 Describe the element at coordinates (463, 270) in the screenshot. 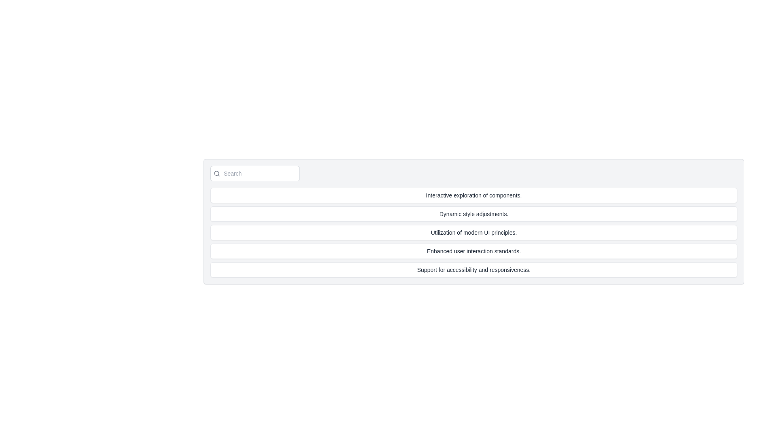

I see `character 's' which is the final letter in the word 'responsiveness', located at the end of the last line of a list of text rows` at that location.